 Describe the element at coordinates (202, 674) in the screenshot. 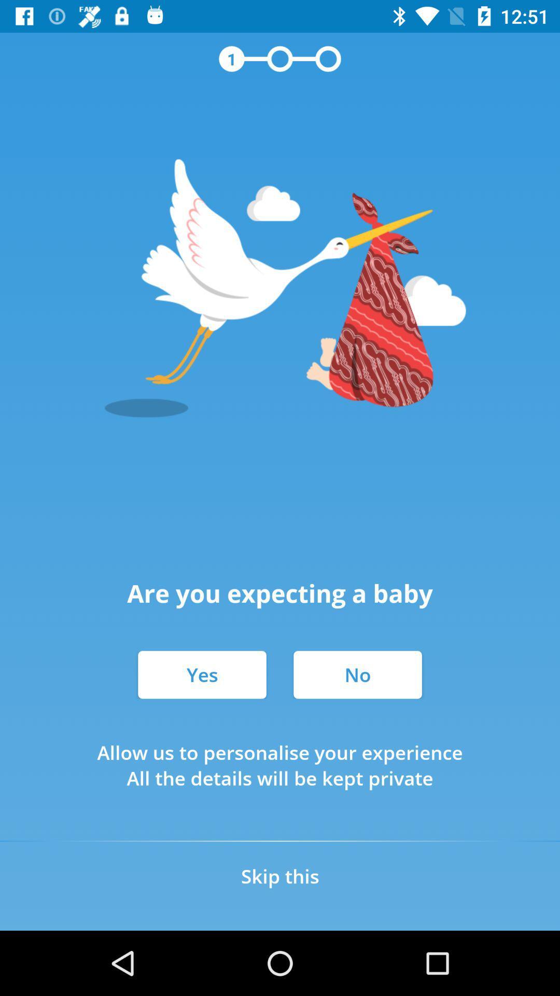

I see `the yes item` at that location.